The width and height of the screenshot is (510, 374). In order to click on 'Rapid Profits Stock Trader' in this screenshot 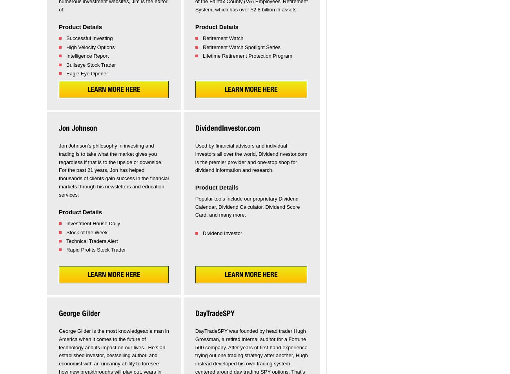, I will do `click(95, 250)`.